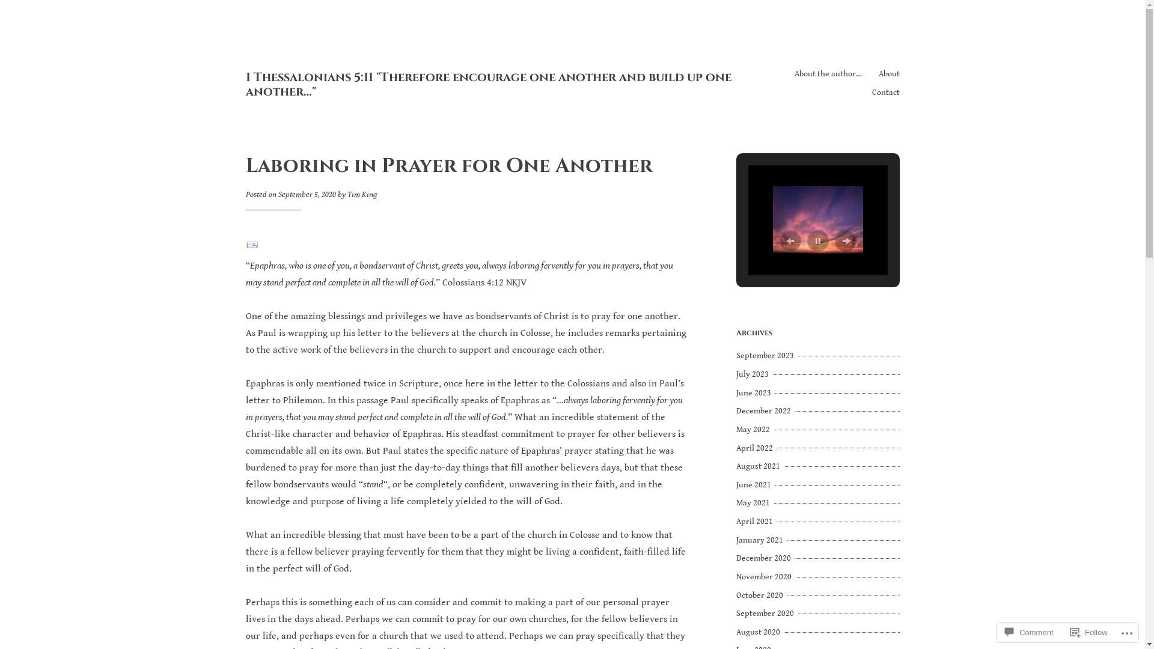 The image size is (1154, 649). Describe the element at coordinates (306, 194) in the screenshot. I see `'September 5, 2020'` at that location.